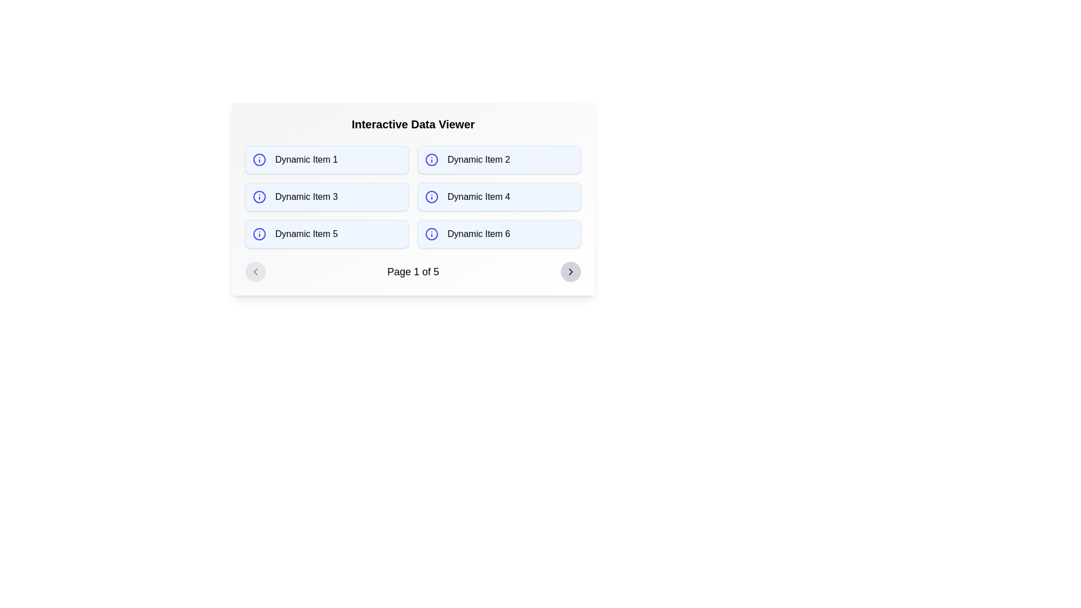 Image resolution: width=1081 pixels, height=608 pixels. Describe the element at coordinates (431, 234) in the screenshot. I see `the Circular SVG graphic element` at that location.